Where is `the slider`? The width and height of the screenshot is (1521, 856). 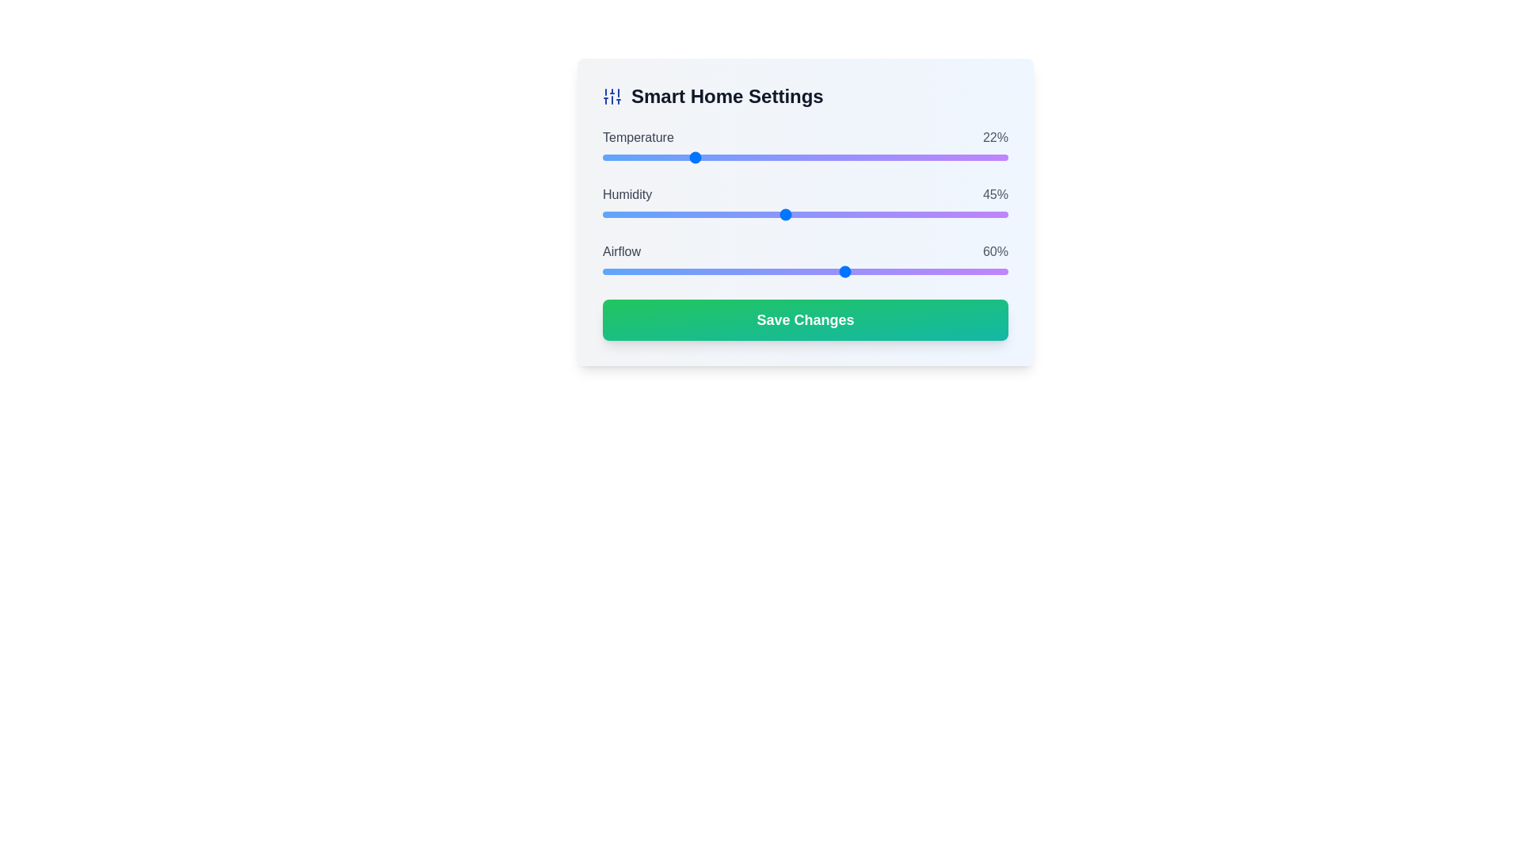 the slider is located at coordinates (825, 158).